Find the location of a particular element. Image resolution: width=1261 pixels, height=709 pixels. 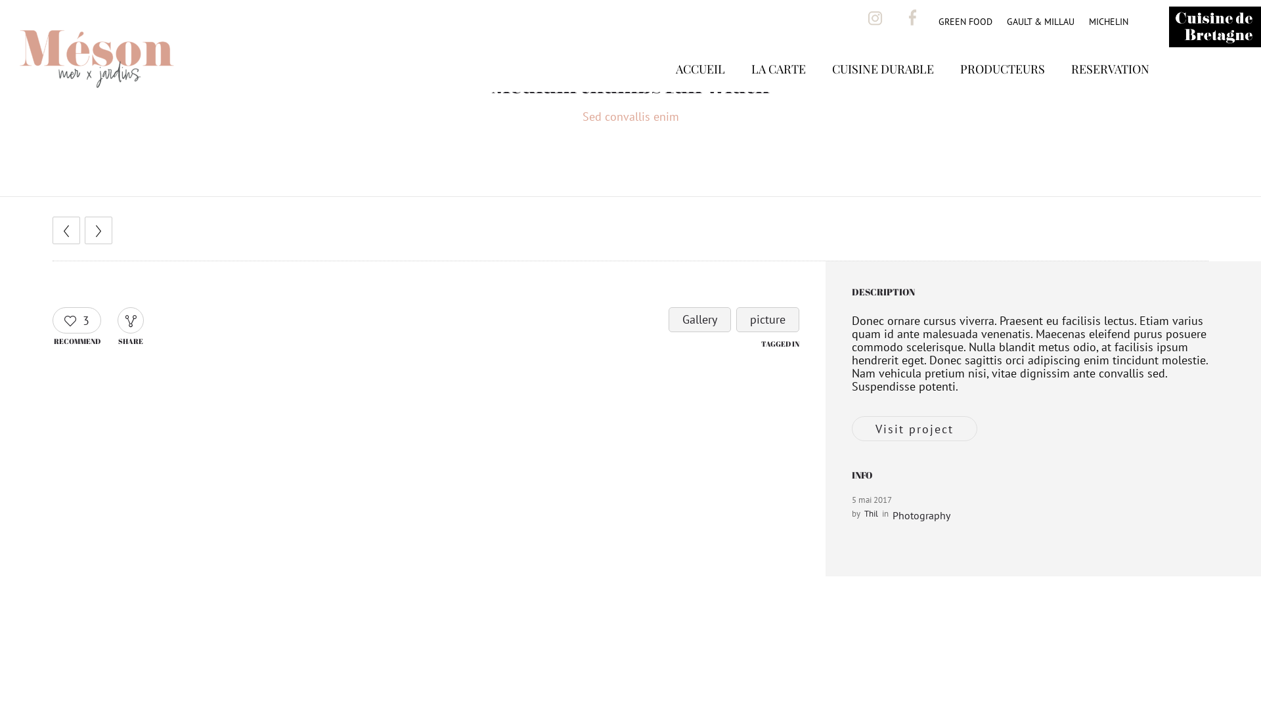

'Gallery' is located at coordinates (699, 319).